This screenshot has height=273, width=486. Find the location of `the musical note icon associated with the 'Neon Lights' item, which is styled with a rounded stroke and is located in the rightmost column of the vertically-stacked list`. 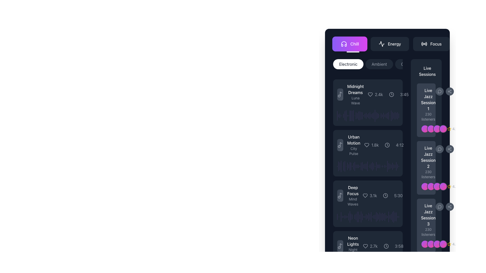

the musical note icon associated with the 'Neon Lights' item, which is styled with a rounded stroke and is located in the rightmost column of the vertically-stacked list is located at coordinates (340, 246).